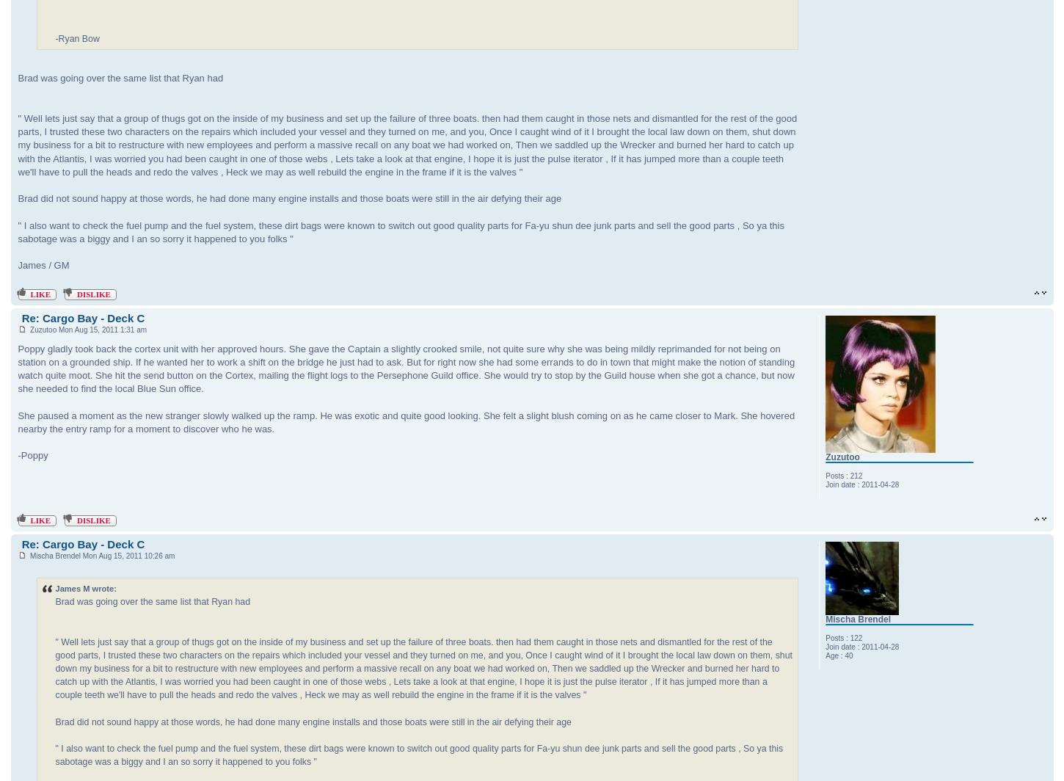  What do you see at coordinates (43, 265) in the screenshot?
I see `'James / GM'` at bounding box center [43, 265].